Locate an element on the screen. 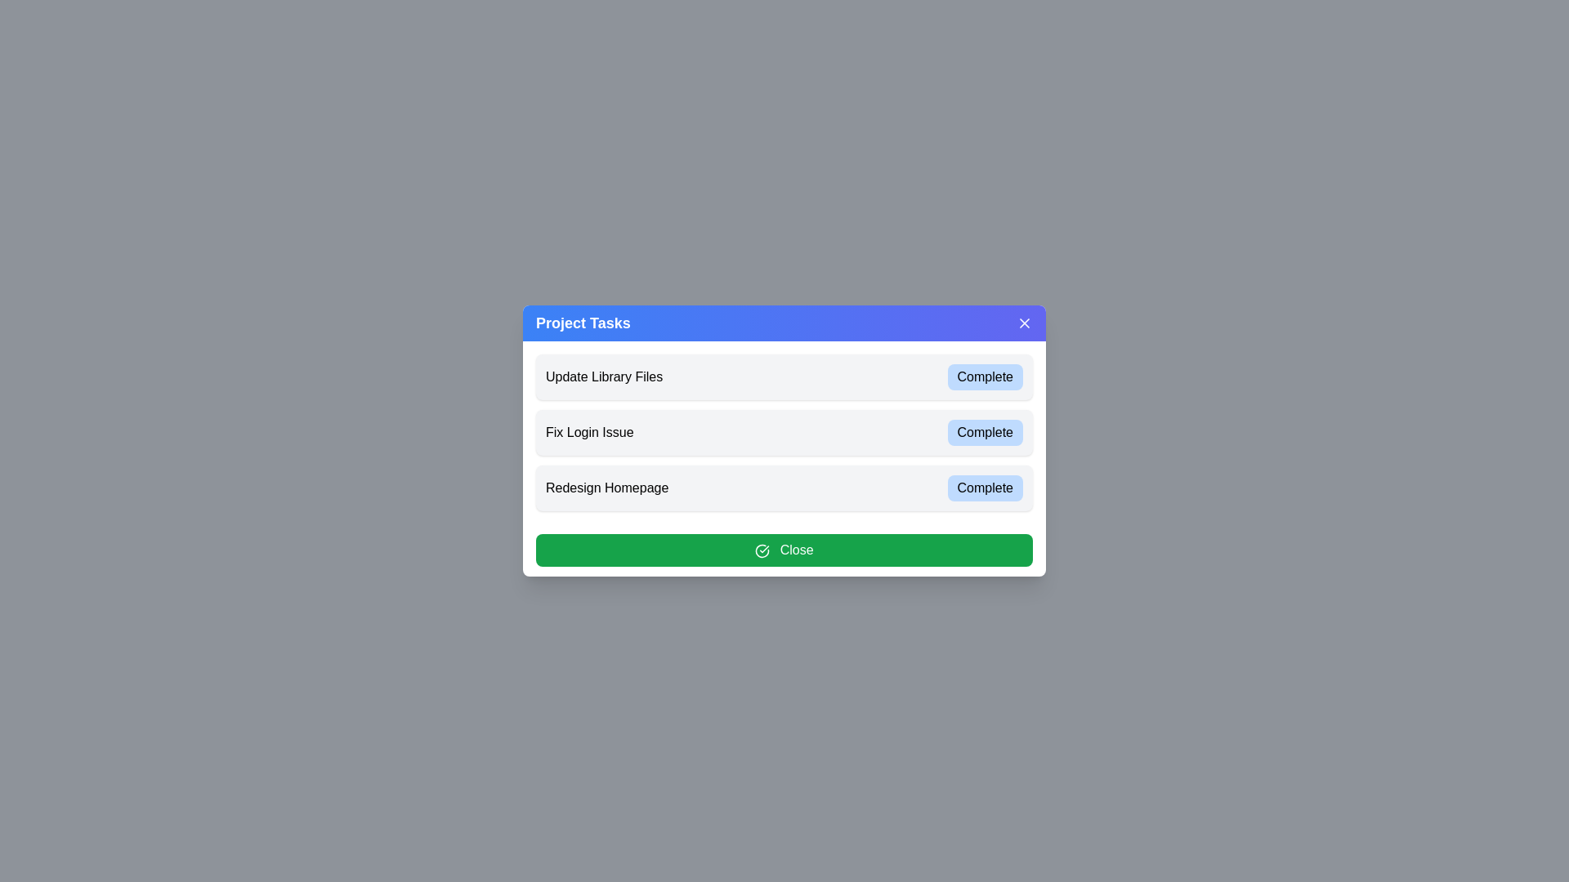 The width and height of the screenshot is (1569, 882). the confirmation icon located inside the green button at the bottom of the dialog window, to the left of the 'Close' label is located at coordinates (762, 550).